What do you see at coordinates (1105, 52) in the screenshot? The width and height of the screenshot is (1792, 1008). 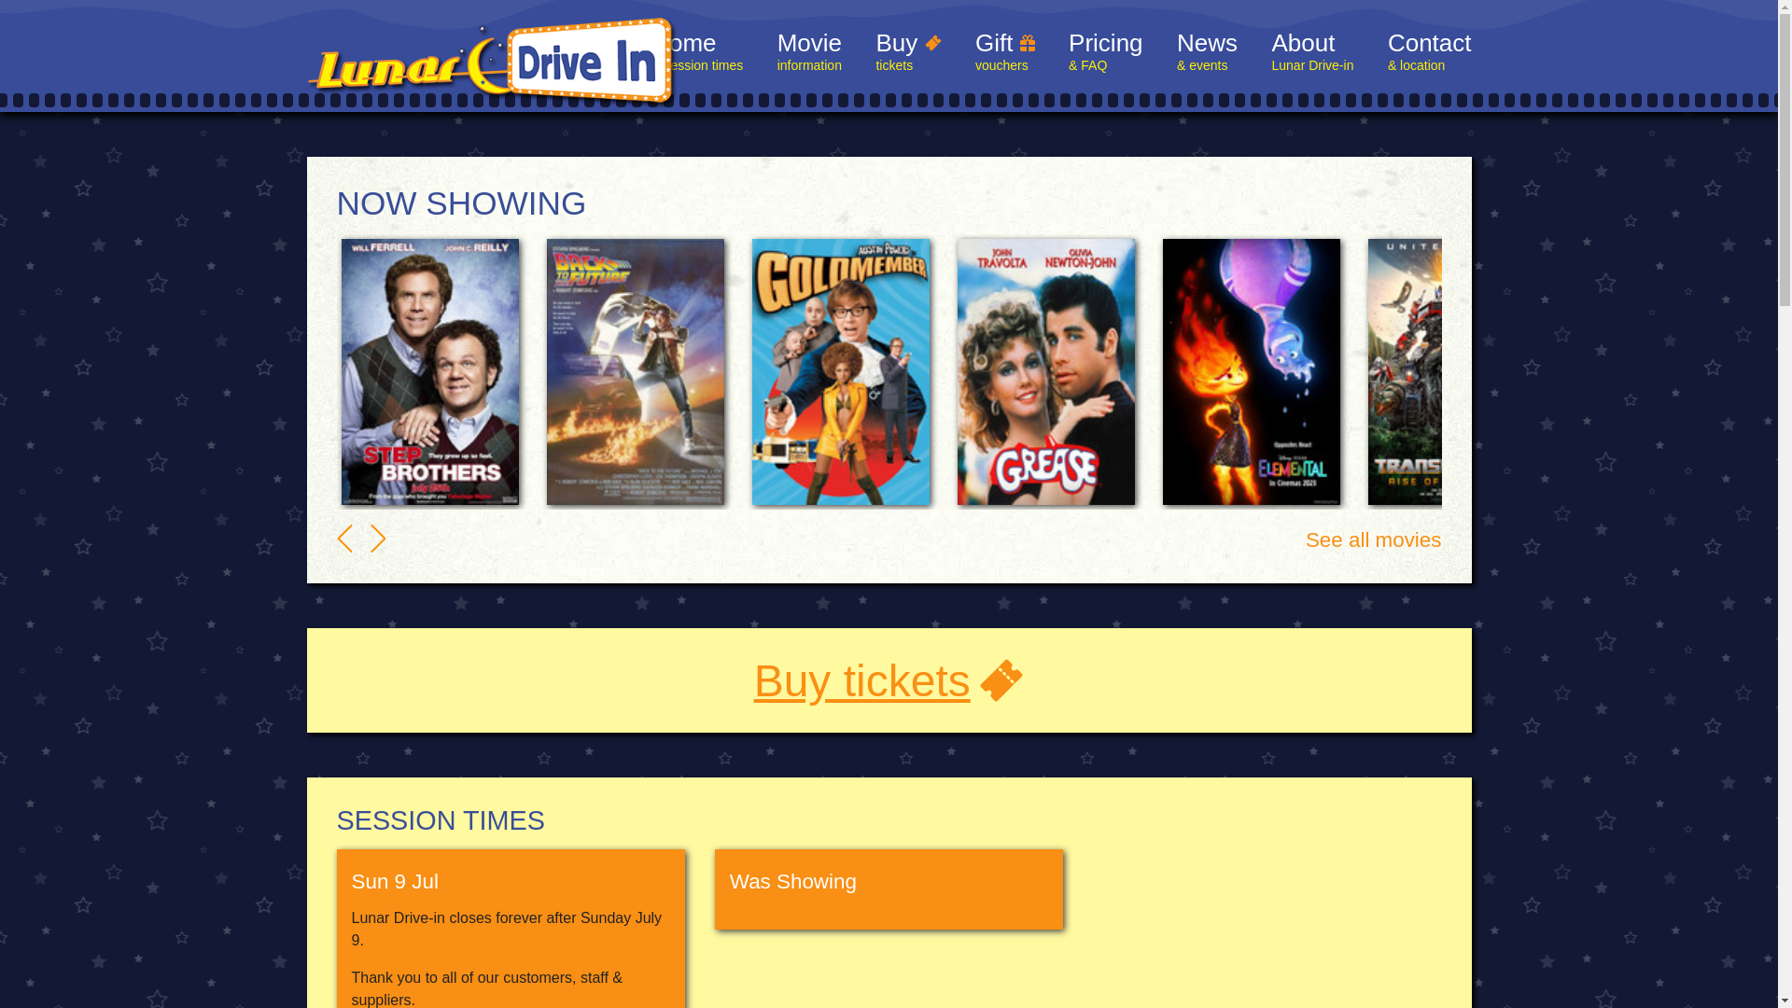 I see `'Pricing` at bounding box center [1105, 52].